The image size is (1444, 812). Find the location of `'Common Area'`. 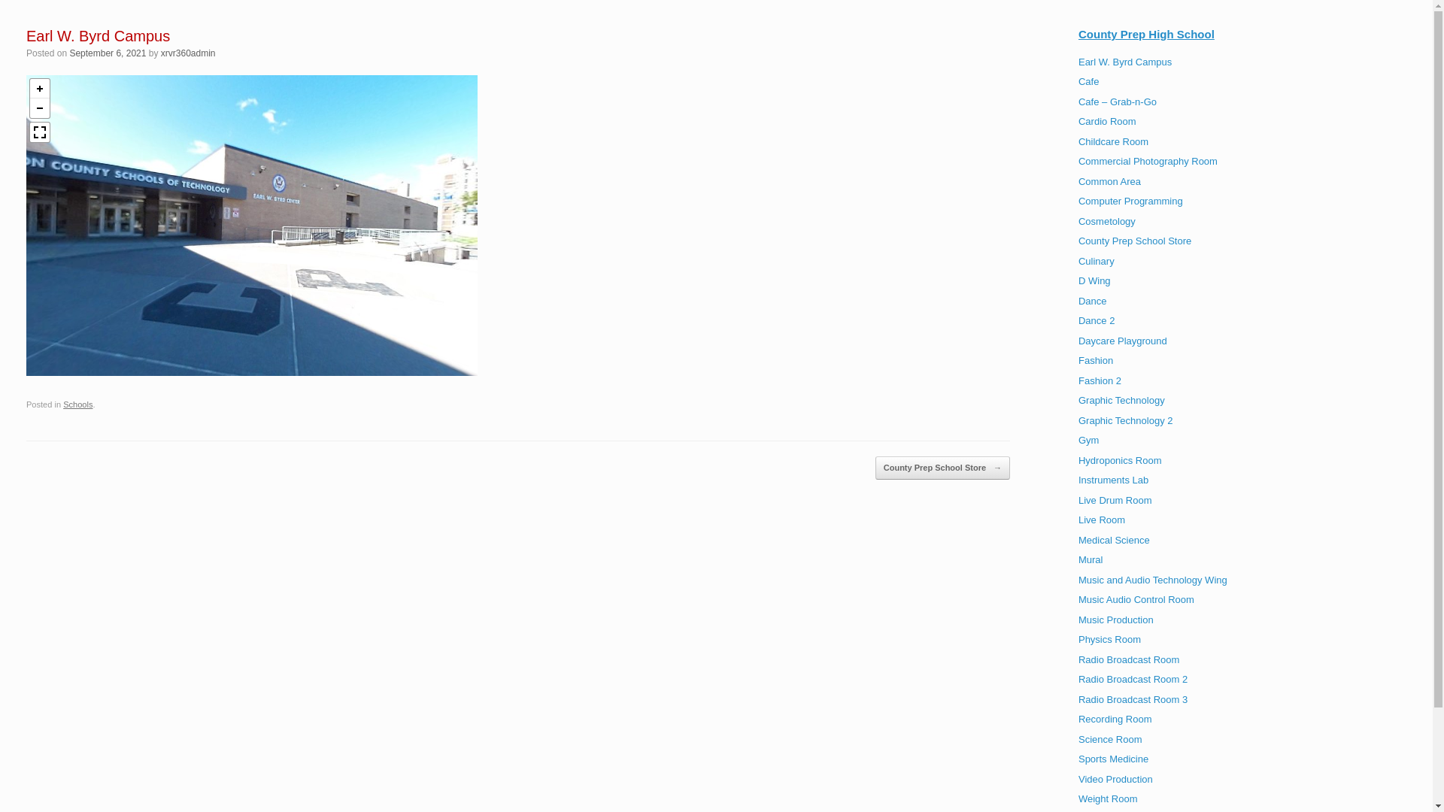

'Common Area' is located at coordinates (1078, 180).